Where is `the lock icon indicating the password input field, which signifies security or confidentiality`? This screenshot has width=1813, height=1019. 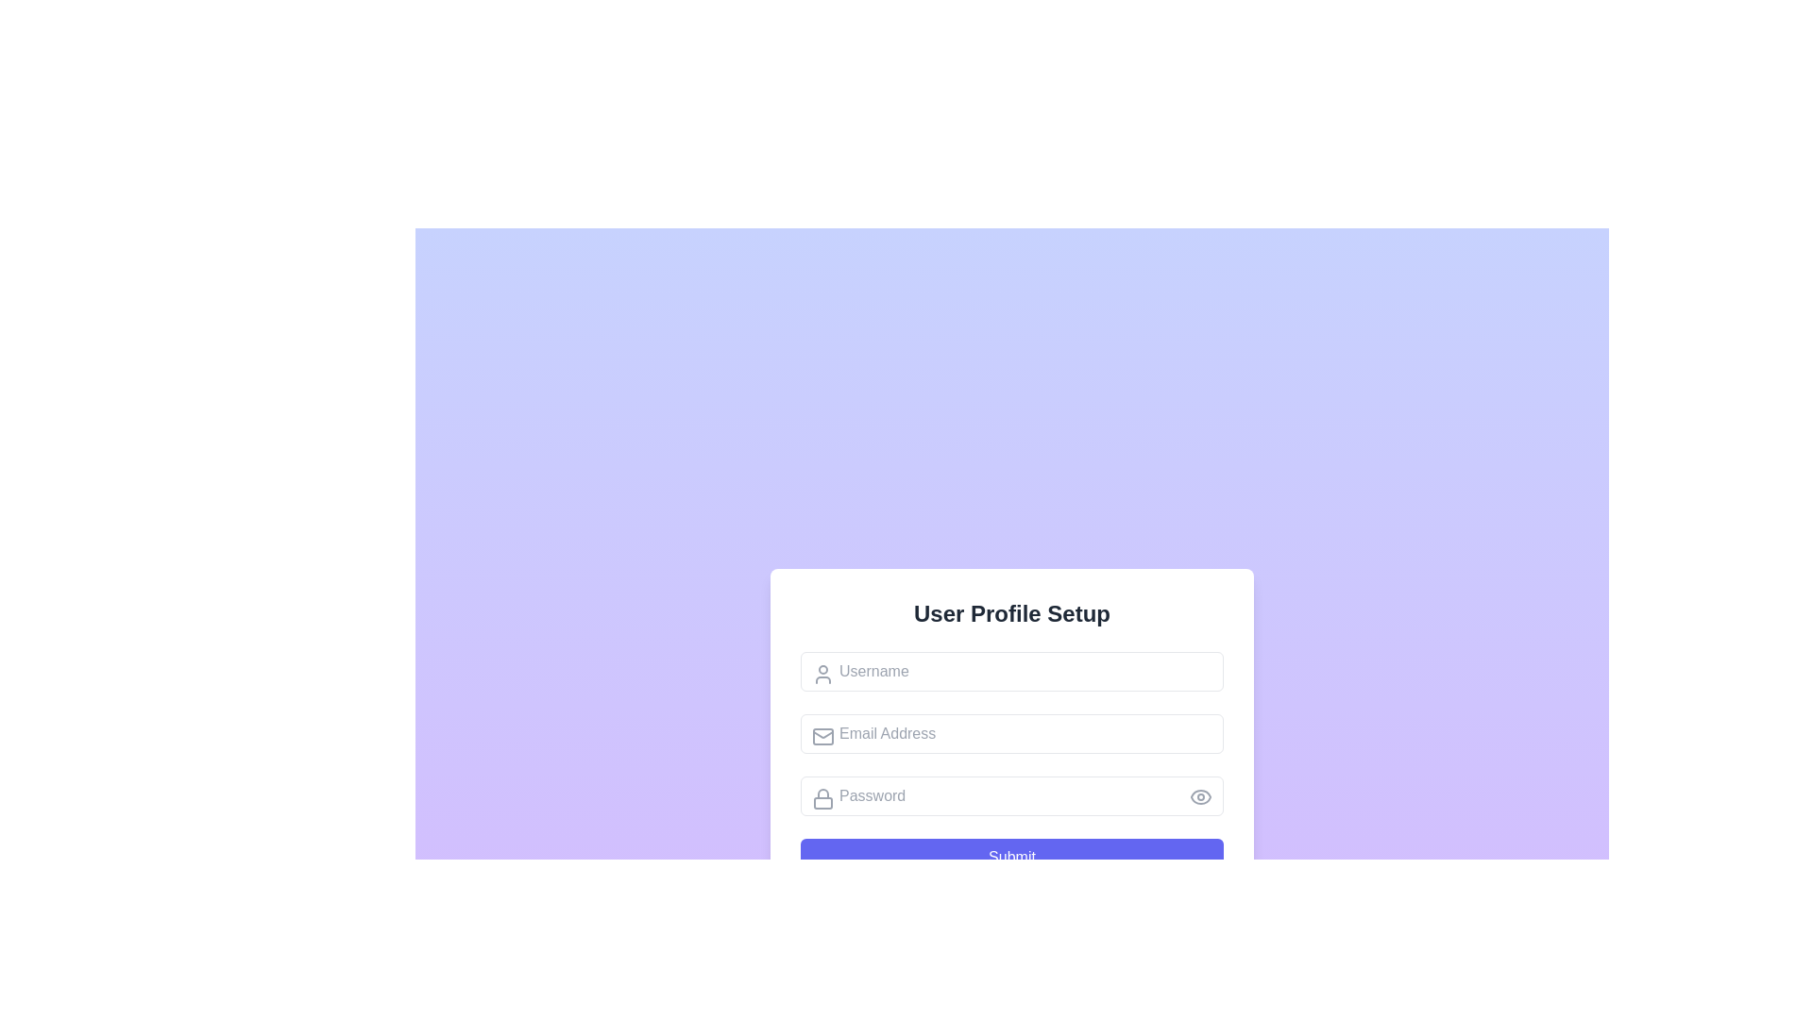
the lock icon indicating the password input field, which signifies security or confidentiality is located at coordinates (823, 799).